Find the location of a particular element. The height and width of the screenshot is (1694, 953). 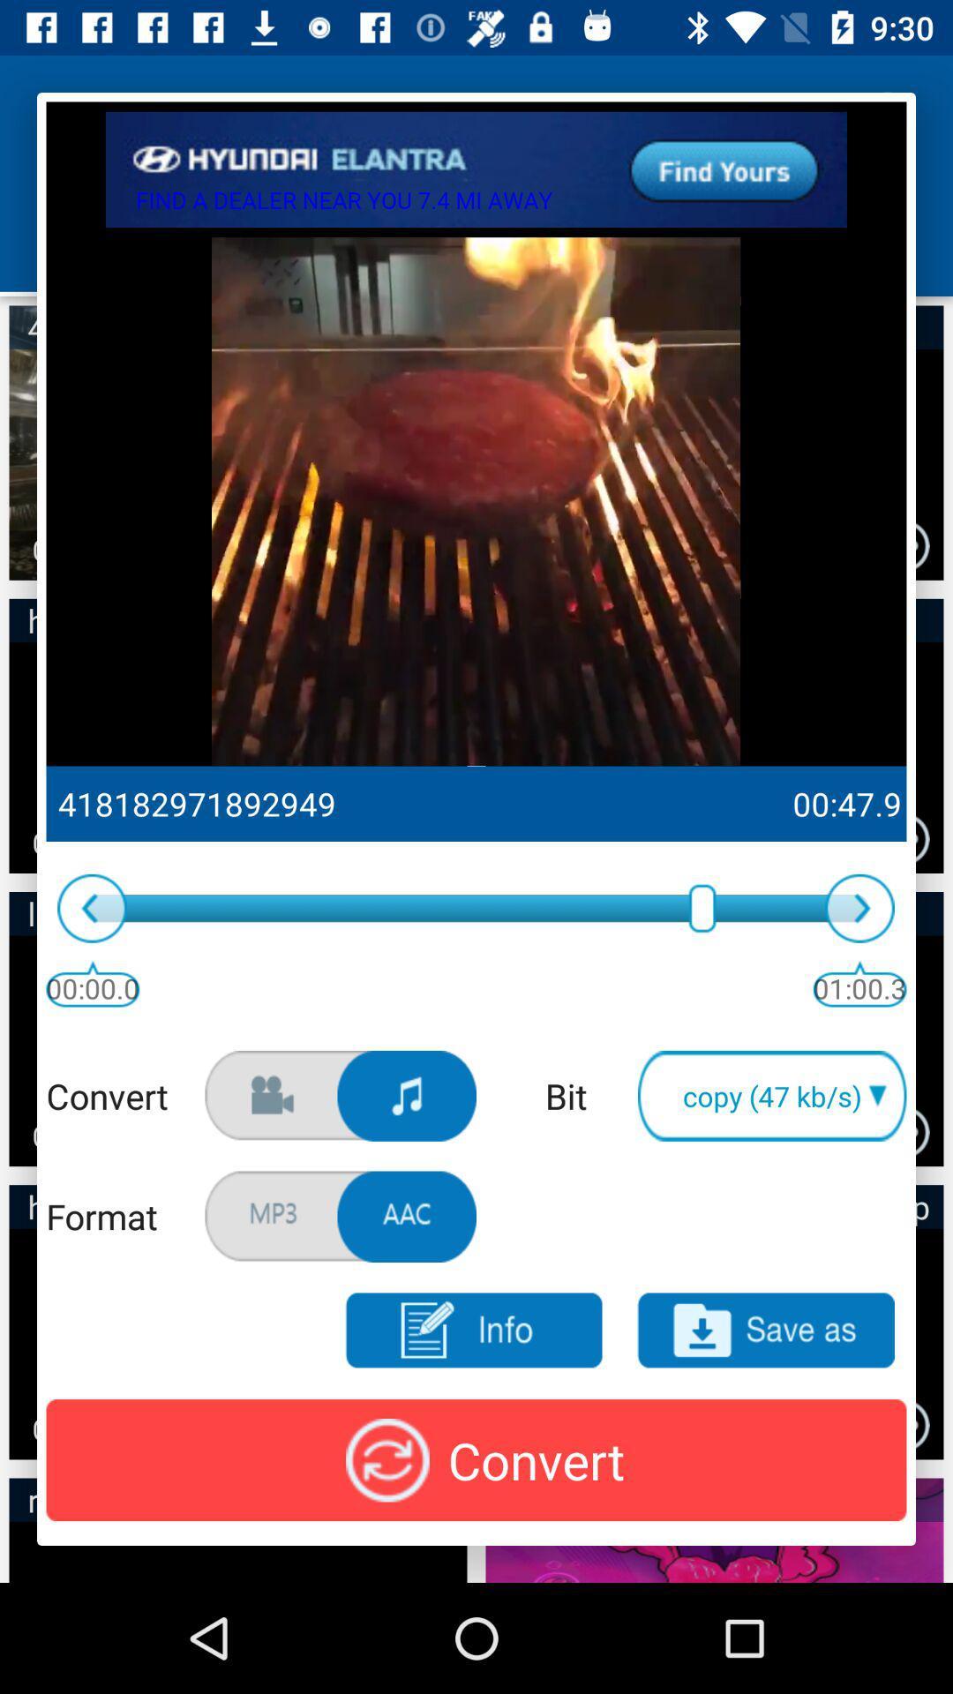

enable format mode is located at coordinates (407, 1216).